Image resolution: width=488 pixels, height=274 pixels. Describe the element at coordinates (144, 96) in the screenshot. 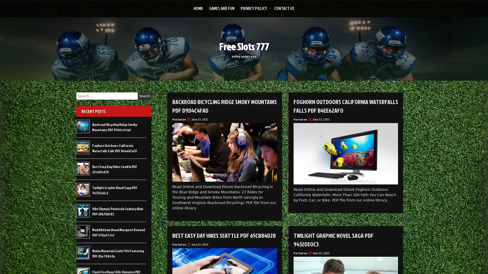

I see `Search` at that location.